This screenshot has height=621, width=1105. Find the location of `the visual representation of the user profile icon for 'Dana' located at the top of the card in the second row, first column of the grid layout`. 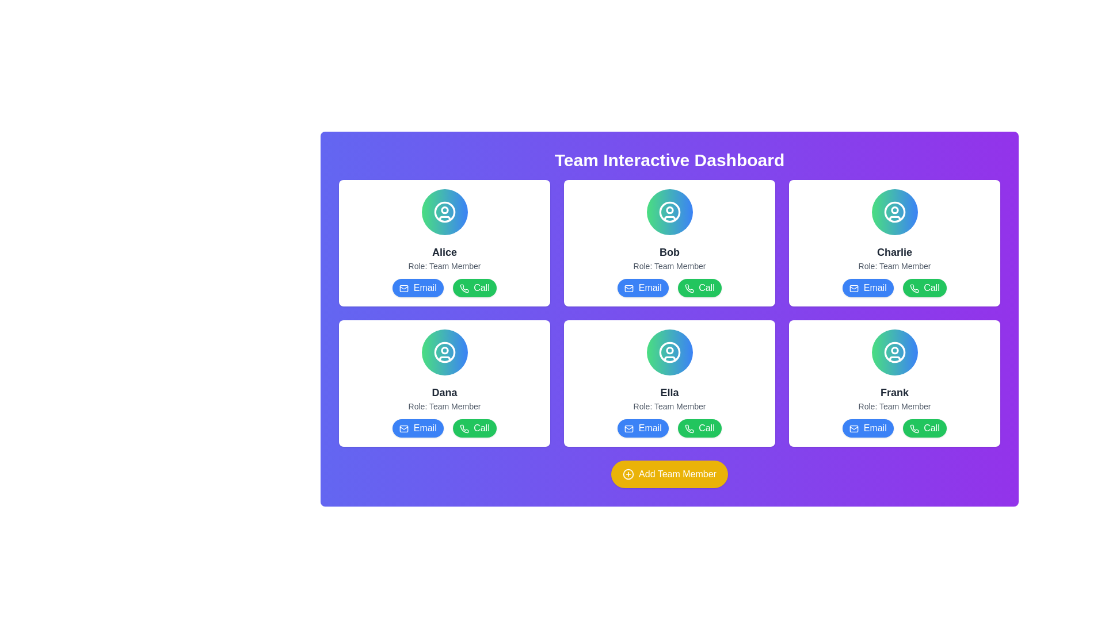

the visual representation of the user profile icon for 'Dana' located at the top of the card in the second row, first column of the grid layout is located at coordinates (444, 352).